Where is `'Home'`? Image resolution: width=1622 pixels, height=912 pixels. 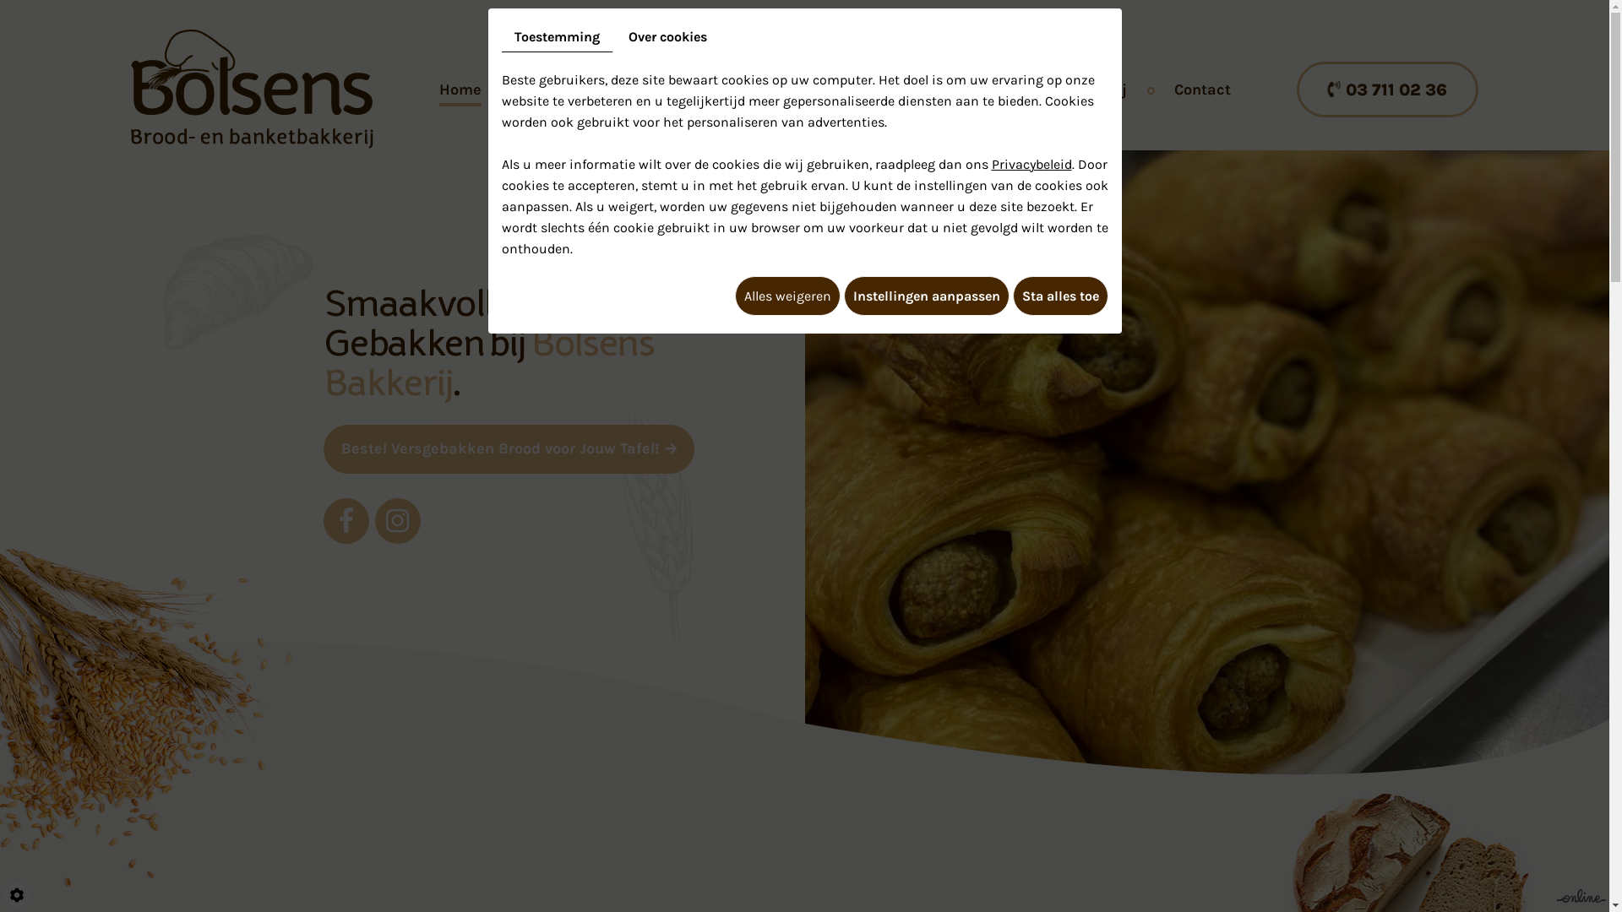 'Home' is located at coordinates (460, 89).